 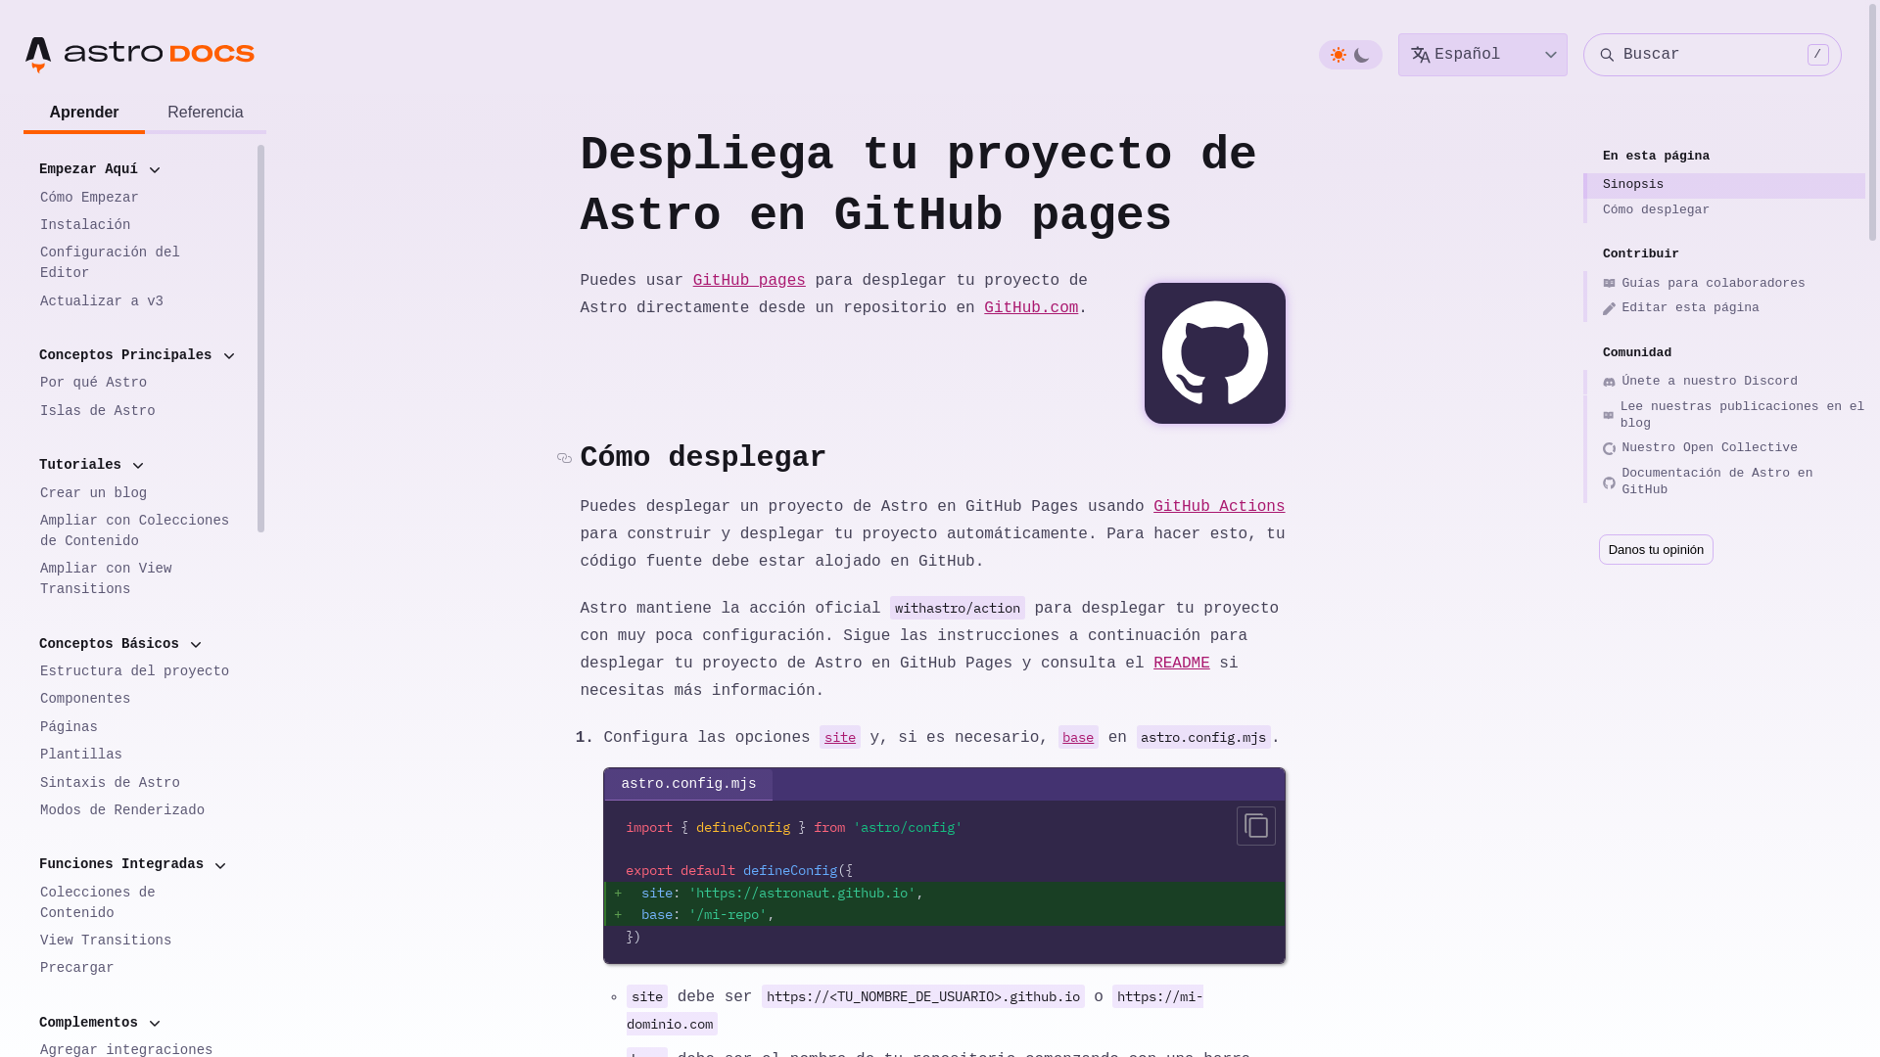 What do you see at coordinates (137, 810) in the screenshot?
I see `'Modos de Renderizado'` at bounding box center [137, 810].